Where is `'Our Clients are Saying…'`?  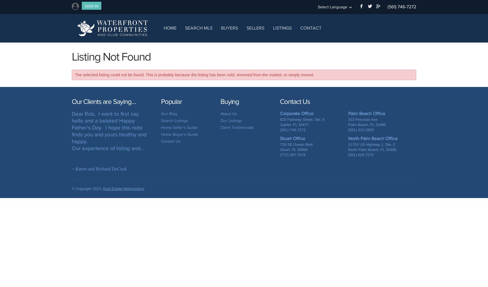
'Our Clients are Saying…' is located at coordinates (103, 101).